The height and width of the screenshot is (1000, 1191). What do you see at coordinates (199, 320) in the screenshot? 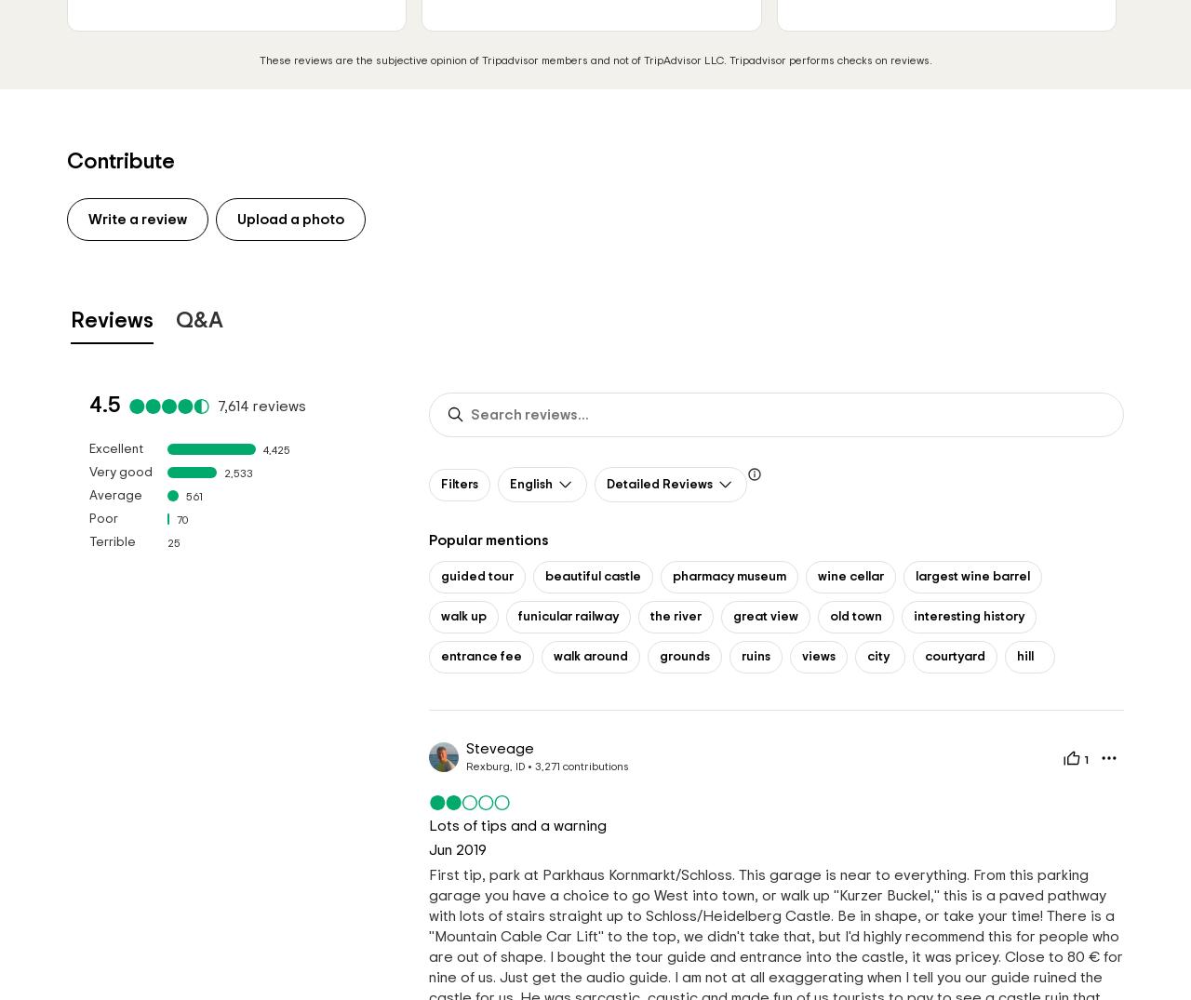
I see `'Q&A'` at bounding box center [199, 320].